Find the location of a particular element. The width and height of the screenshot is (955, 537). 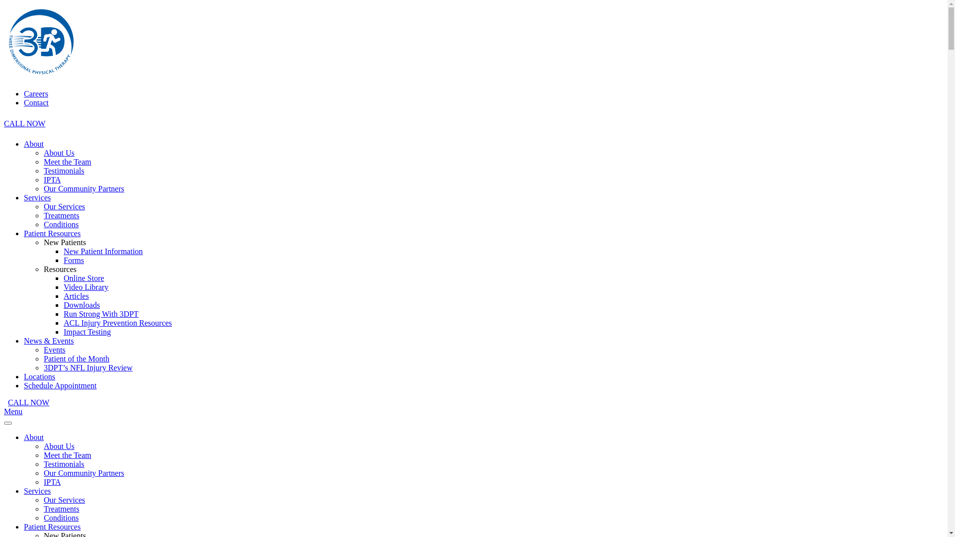

'Careers' is located at coordinates (36, 93).